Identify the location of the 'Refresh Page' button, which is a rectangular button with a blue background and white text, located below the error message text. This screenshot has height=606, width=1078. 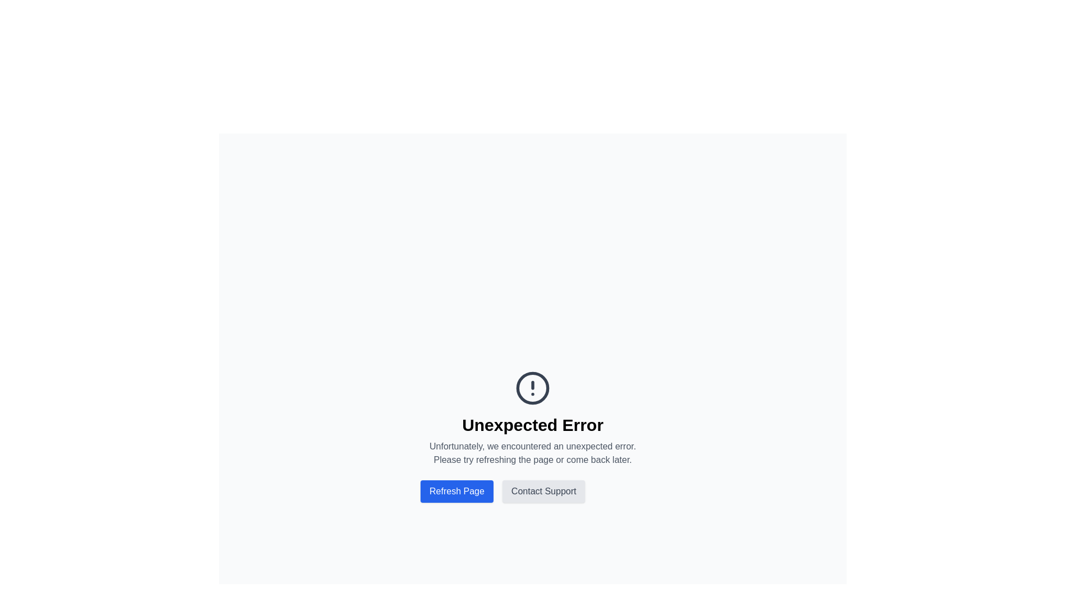
(456, 490).